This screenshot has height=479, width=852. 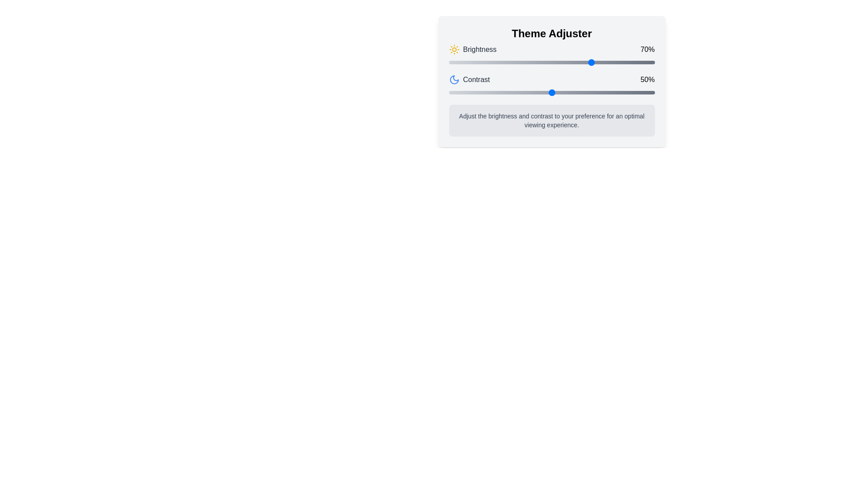 What do you see at coordinates (607, 92) in the screenshot?
I see `contrast` at bounding box center [607, 92].